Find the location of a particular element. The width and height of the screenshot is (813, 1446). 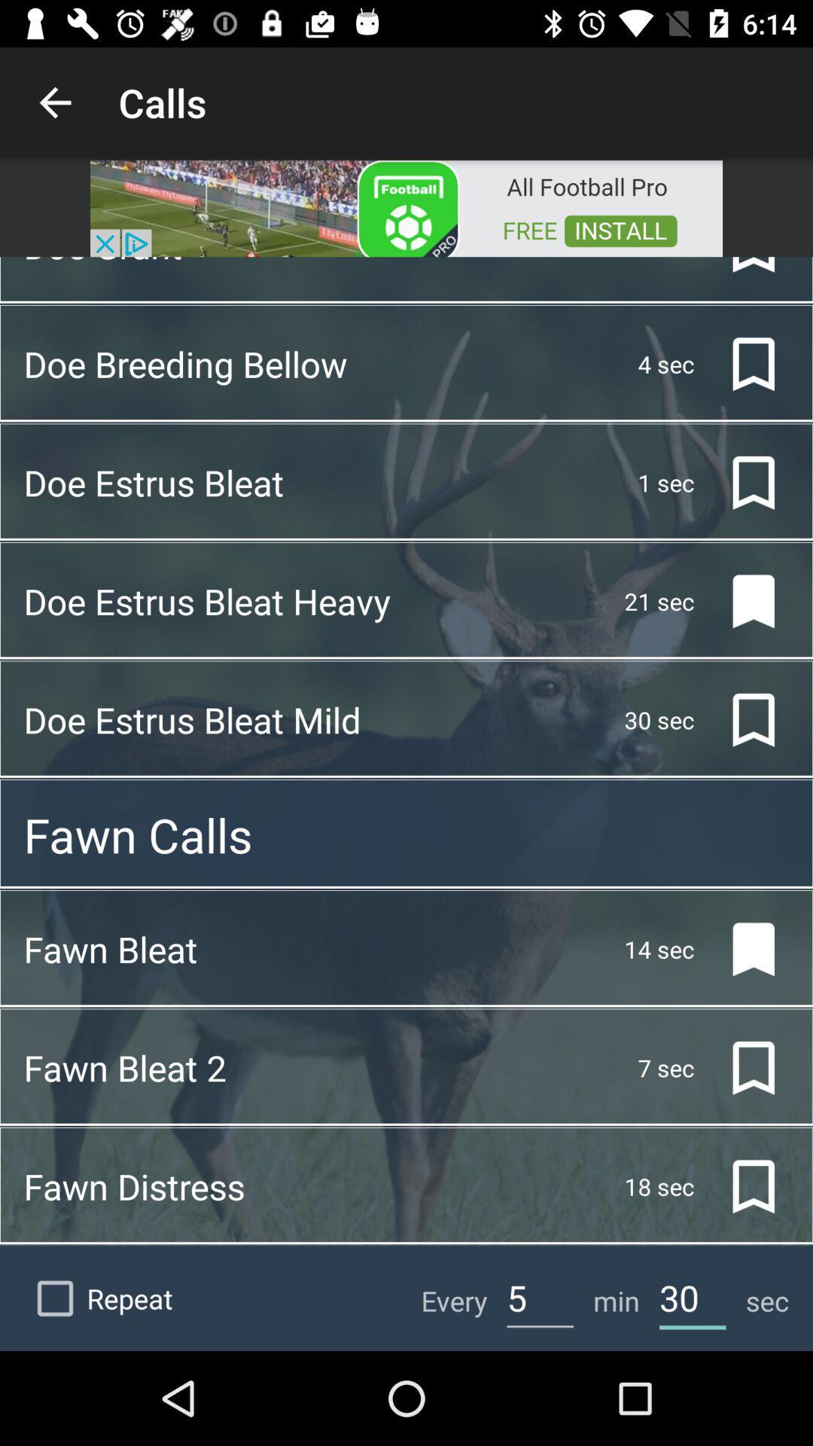

opens advertisement is located at coordinates (406, 206).